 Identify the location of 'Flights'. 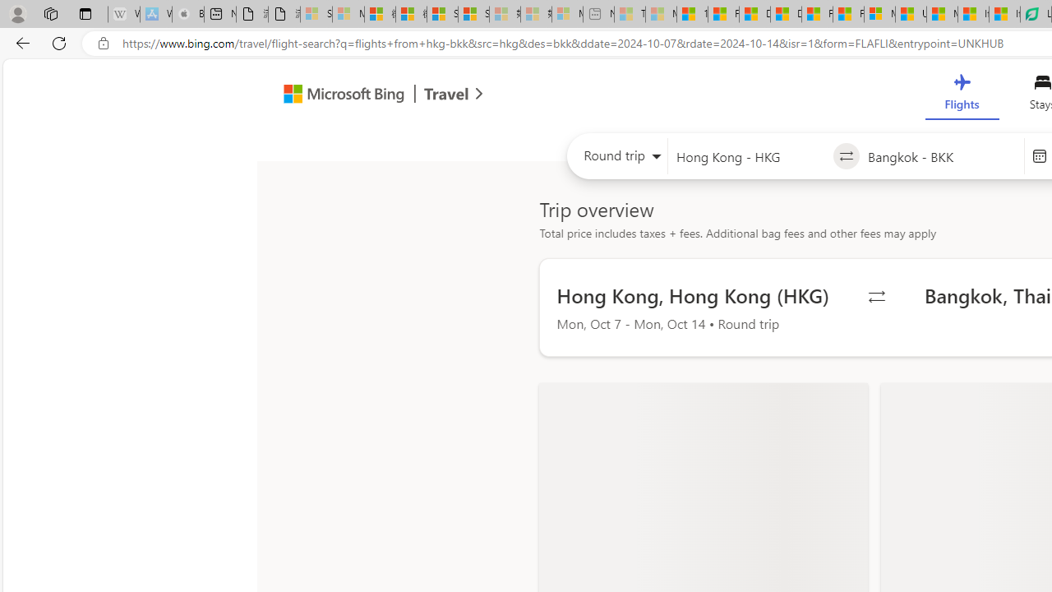
(962, 96).